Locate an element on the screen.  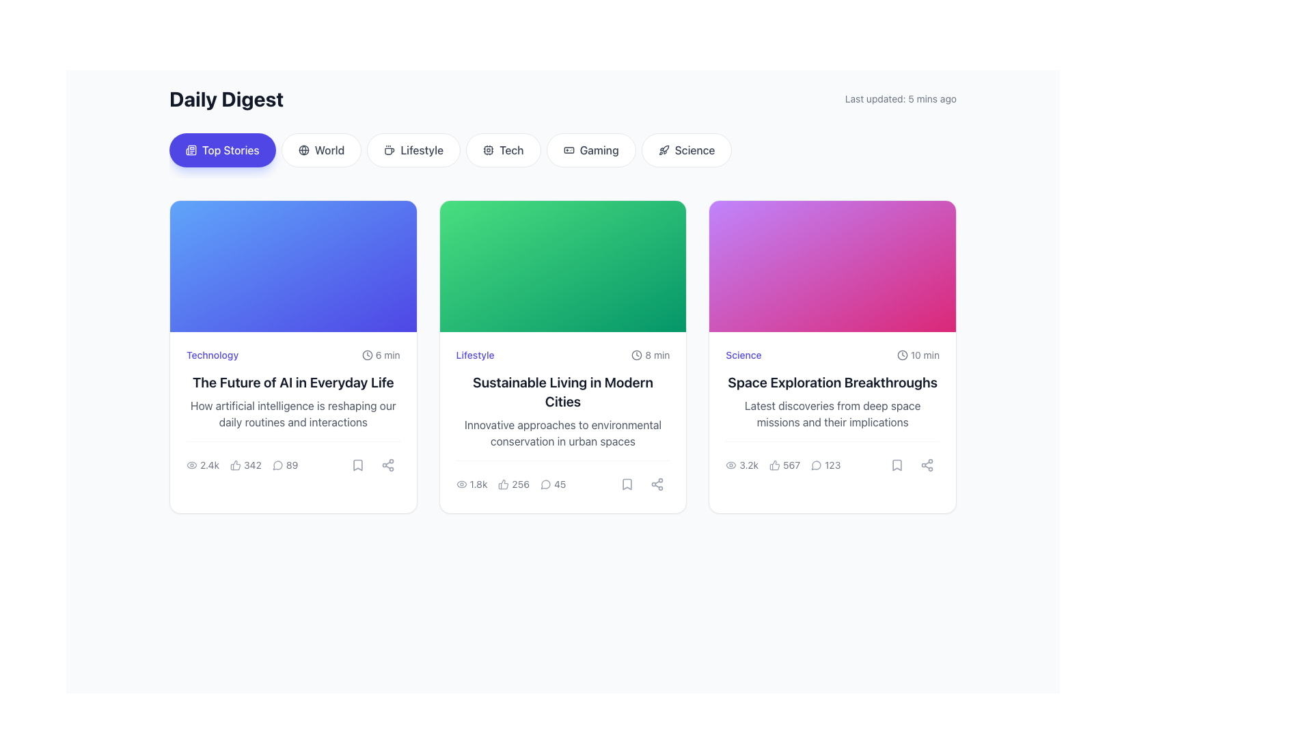
the static text element displaying the number '567' in the likes count section of the third card titled 'Space Exploration Breakthroughs' is located at coordinates (791, 465).